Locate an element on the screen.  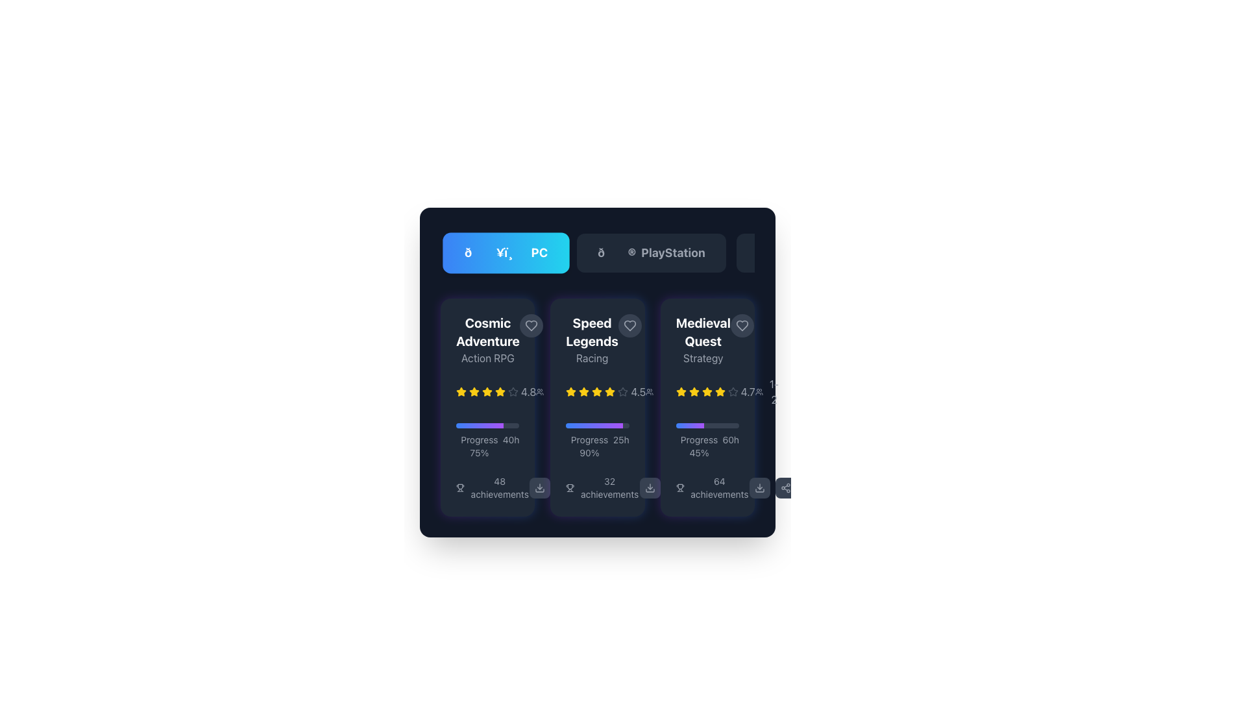
the horizontal progress bar with rounded edges, which has a grey background and a blue to purple gradient-filled segment, located above the text 'Progress 60h 45%' is located at coordinates (707, 425).